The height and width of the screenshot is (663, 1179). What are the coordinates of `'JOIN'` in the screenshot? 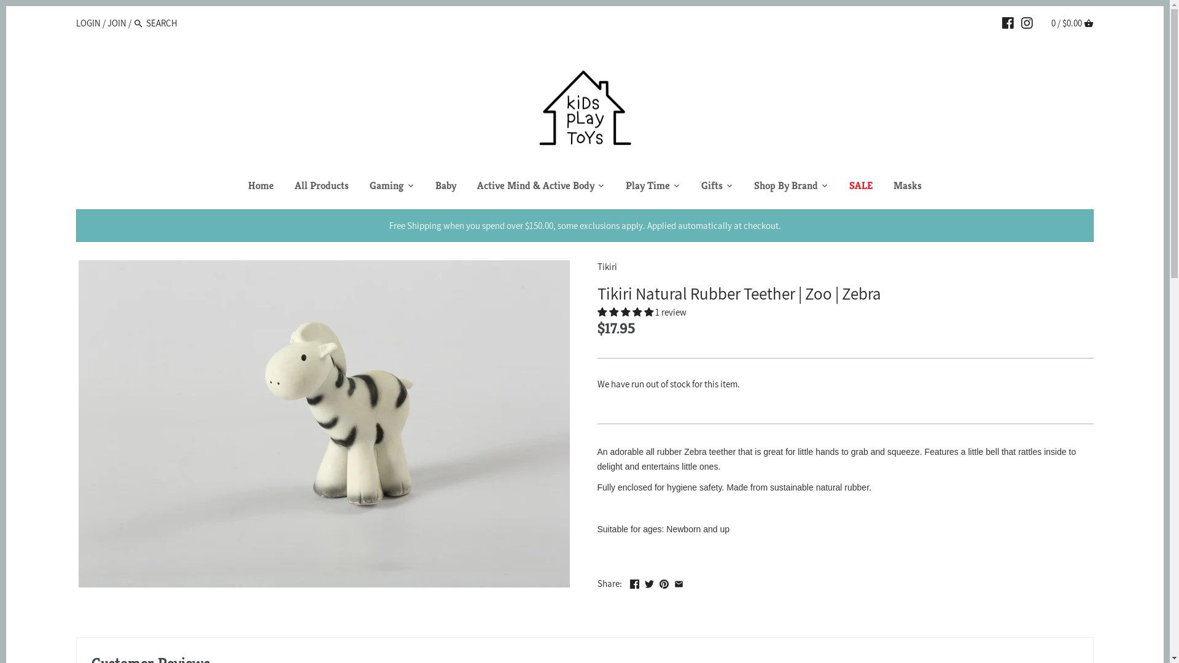 It's located at (117, 23).